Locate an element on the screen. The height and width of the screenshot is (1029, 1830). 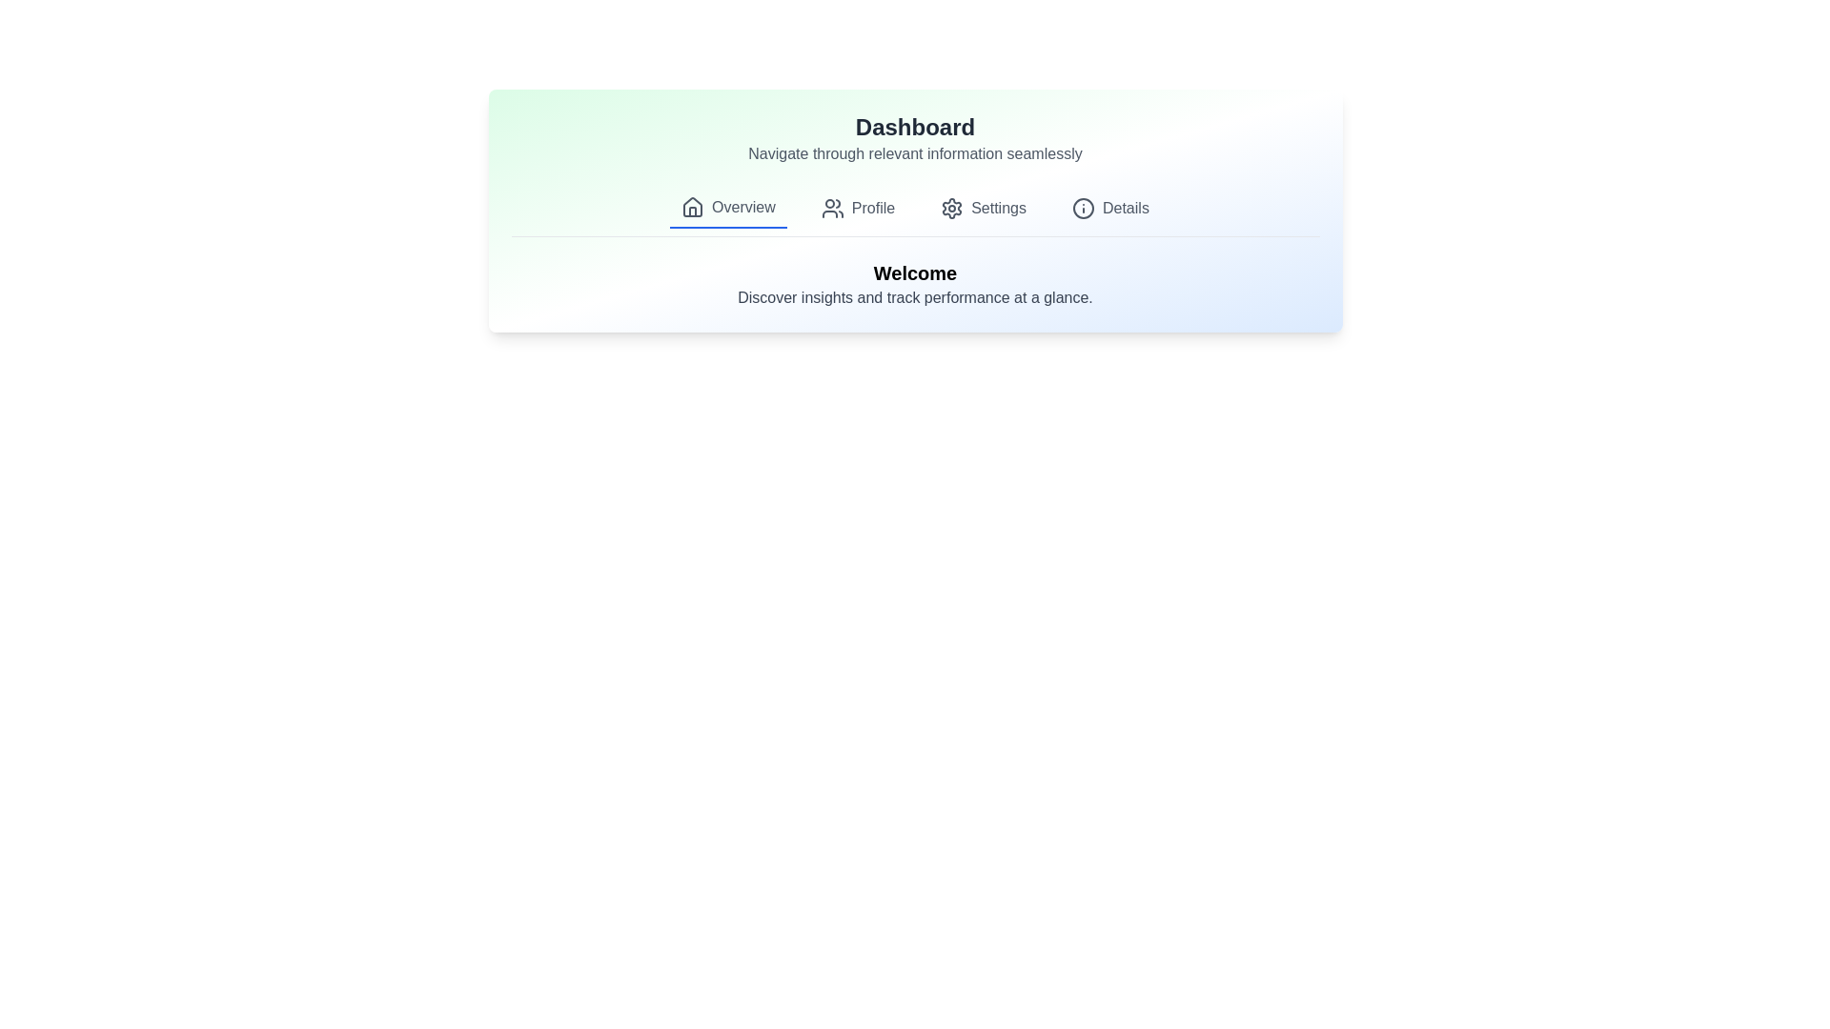
the gear-shaped icon located on the navigation bar to the left of the word 'Settings' is located at coordinates (952, 209).